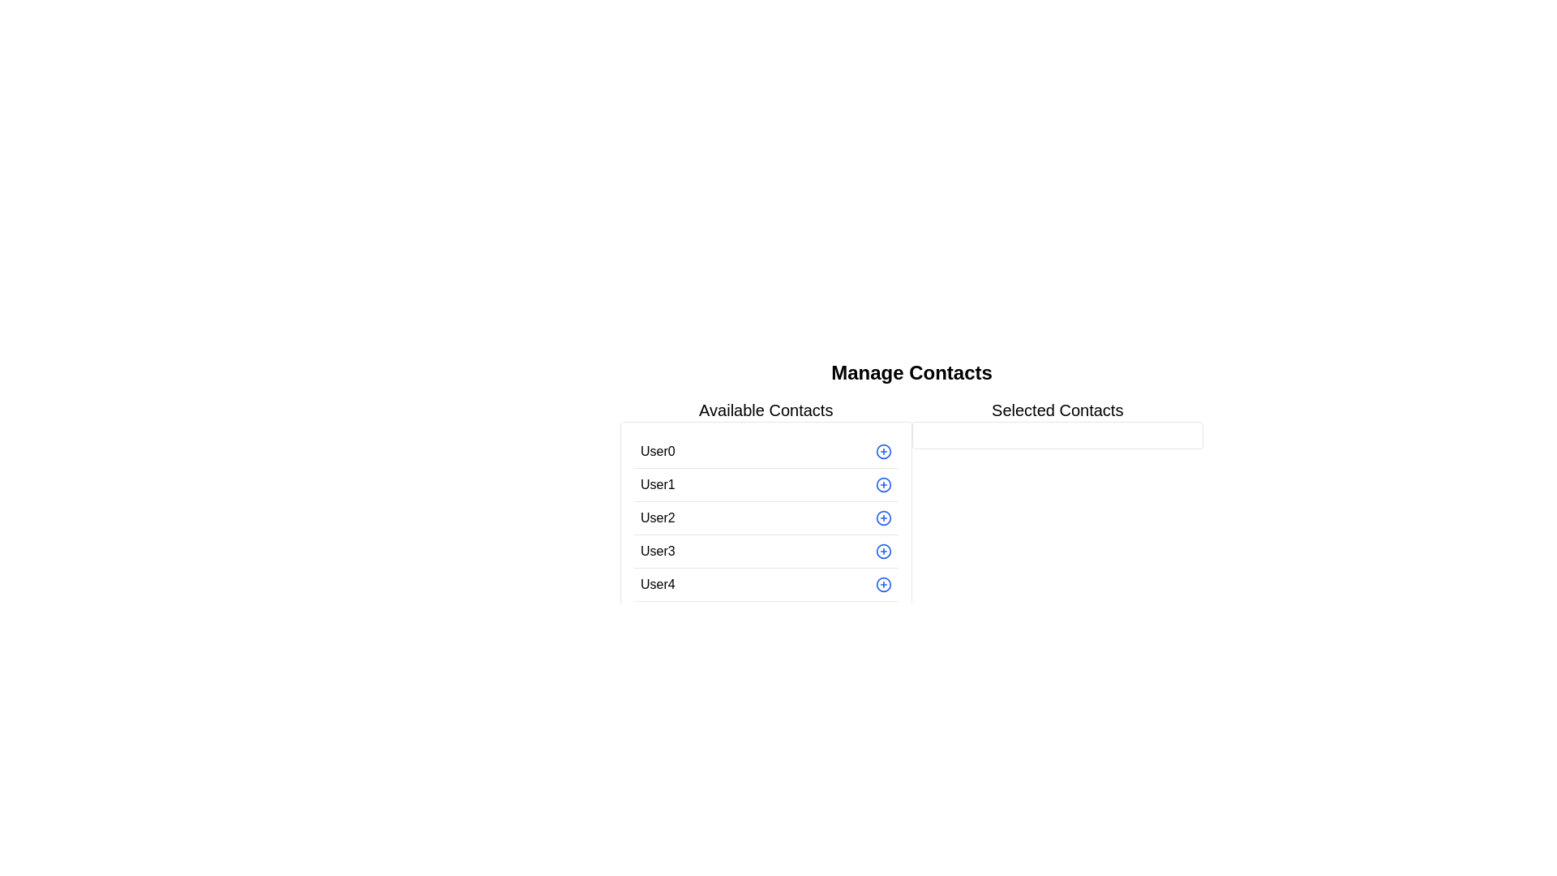 The height and width of the screenshot is (876, 1557). What do you see at coordinates (765, 518) in the screenshot?
I see `the third row labeled 'User2' in the 'Available Contacts' section` at bounding box center [765, 518].